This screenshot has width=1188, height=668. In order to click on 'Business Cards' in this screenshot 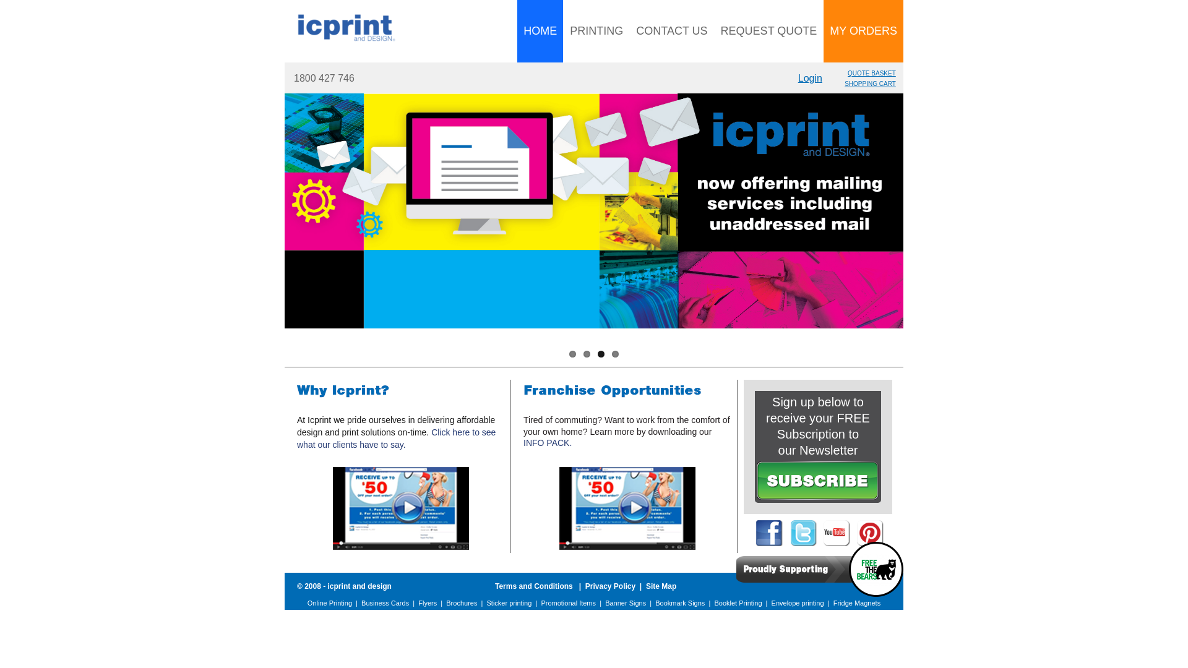, I will do `click(384, 602)`.